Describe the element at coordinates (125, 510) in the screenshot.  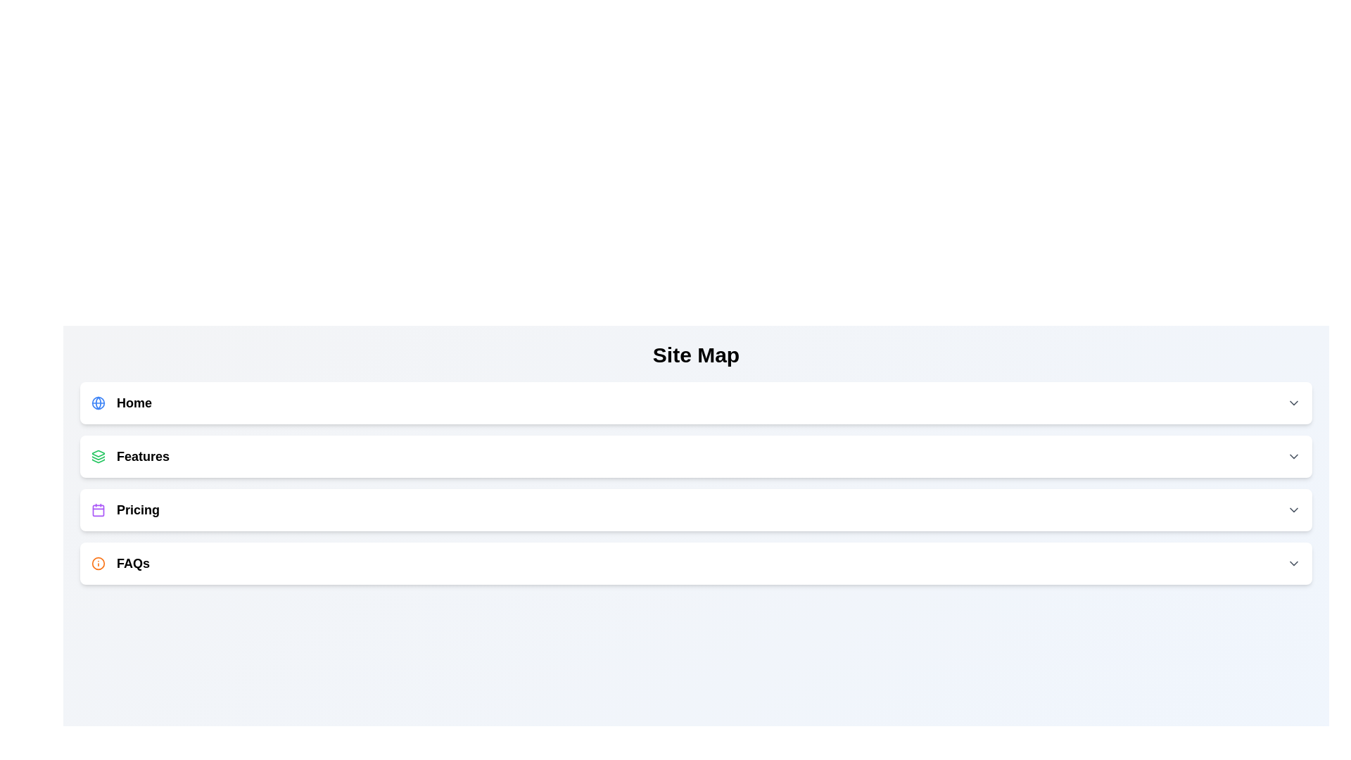
I see `the third item in the vertical list of options, which is a button-like text with an associated icon for pricing details, located below the 'Features' and above the 'FAQs'` at that location.